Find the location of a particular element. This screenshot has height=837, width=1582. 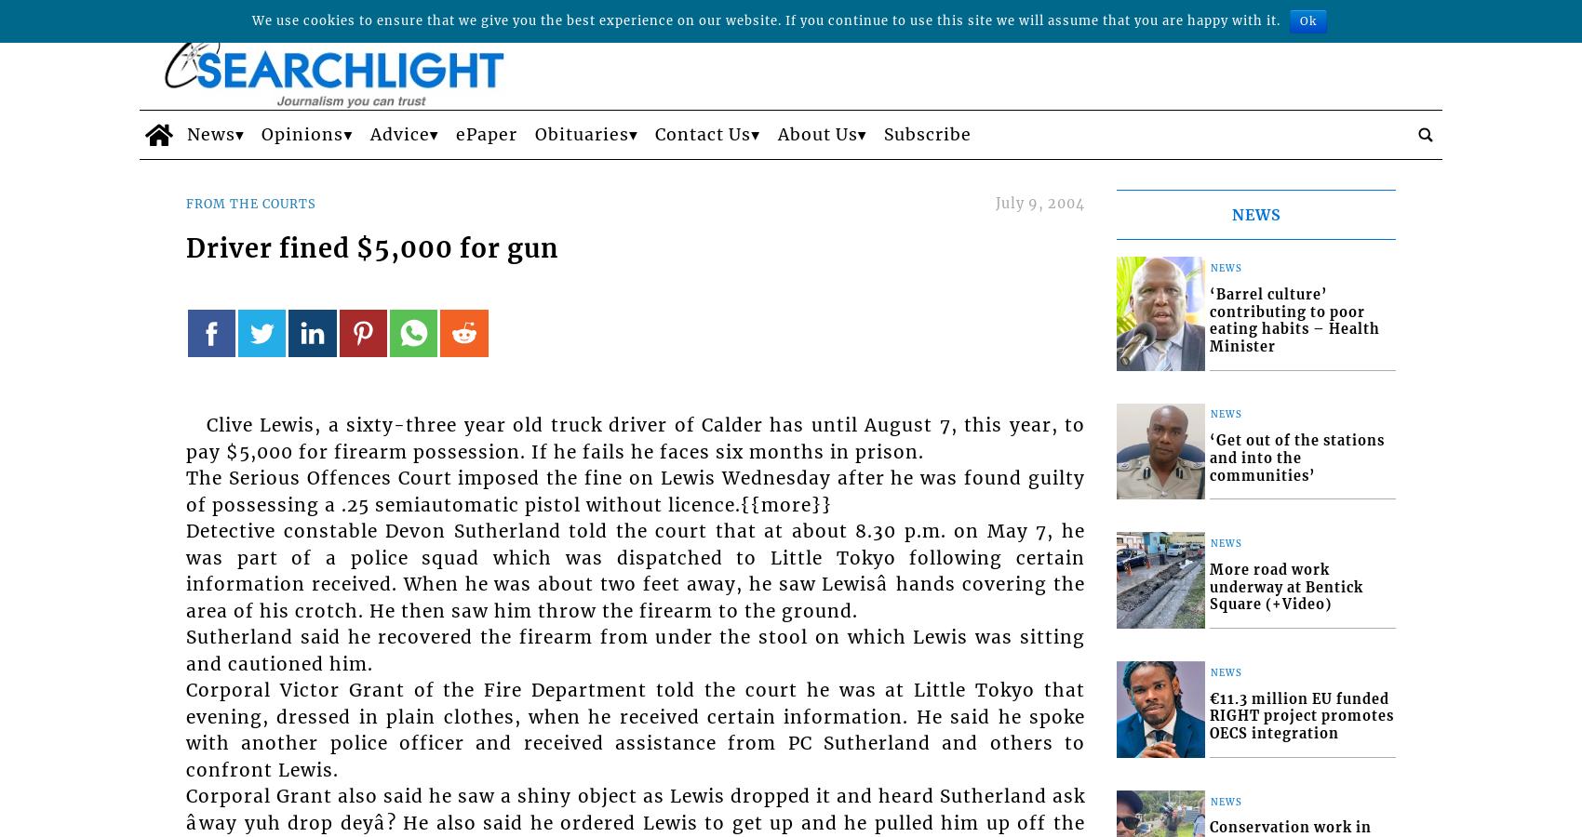

'‘Get out of the stations  and into the communities’' is located at coordinates (1294, 457).